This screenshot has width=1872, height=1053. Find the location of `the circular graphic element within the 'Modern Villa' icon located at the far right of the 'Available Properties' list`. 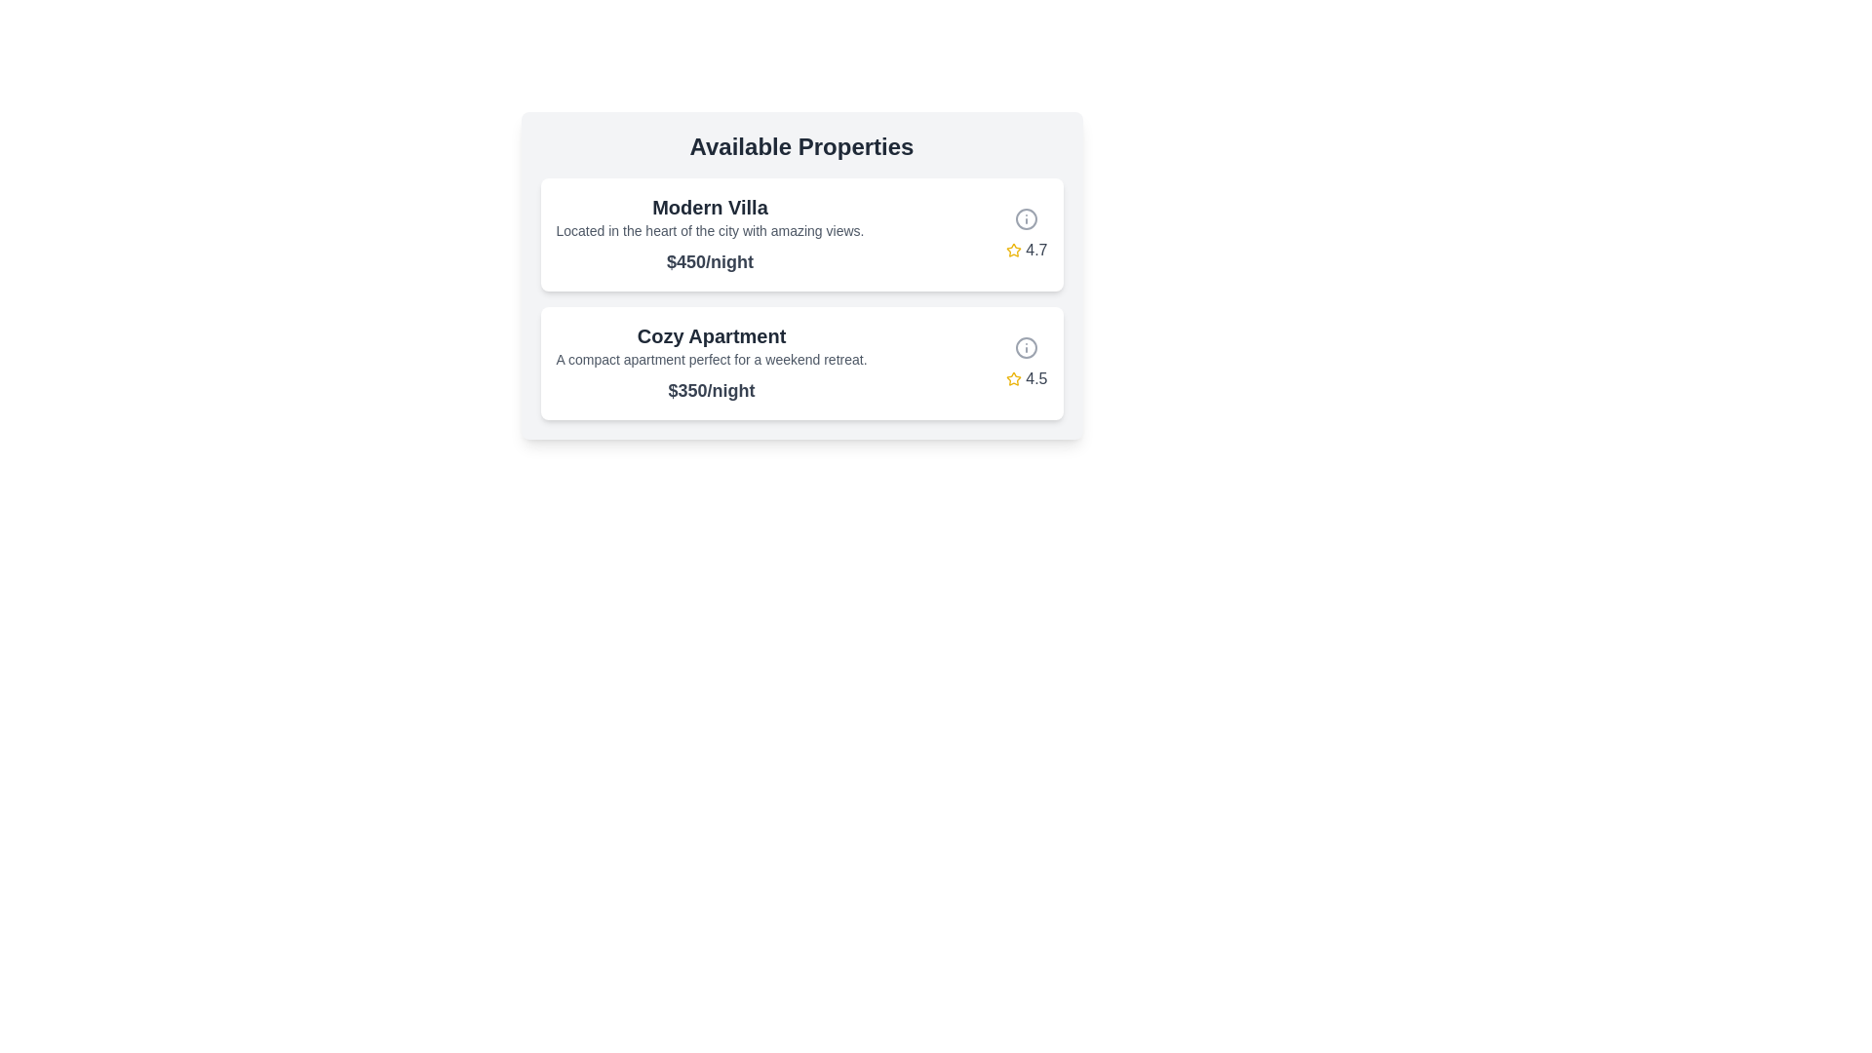

the circular graphic element within the 'Modern Villa' icon located at the far right of the 'Available Properties' list is located at coordinates (1026, 347).